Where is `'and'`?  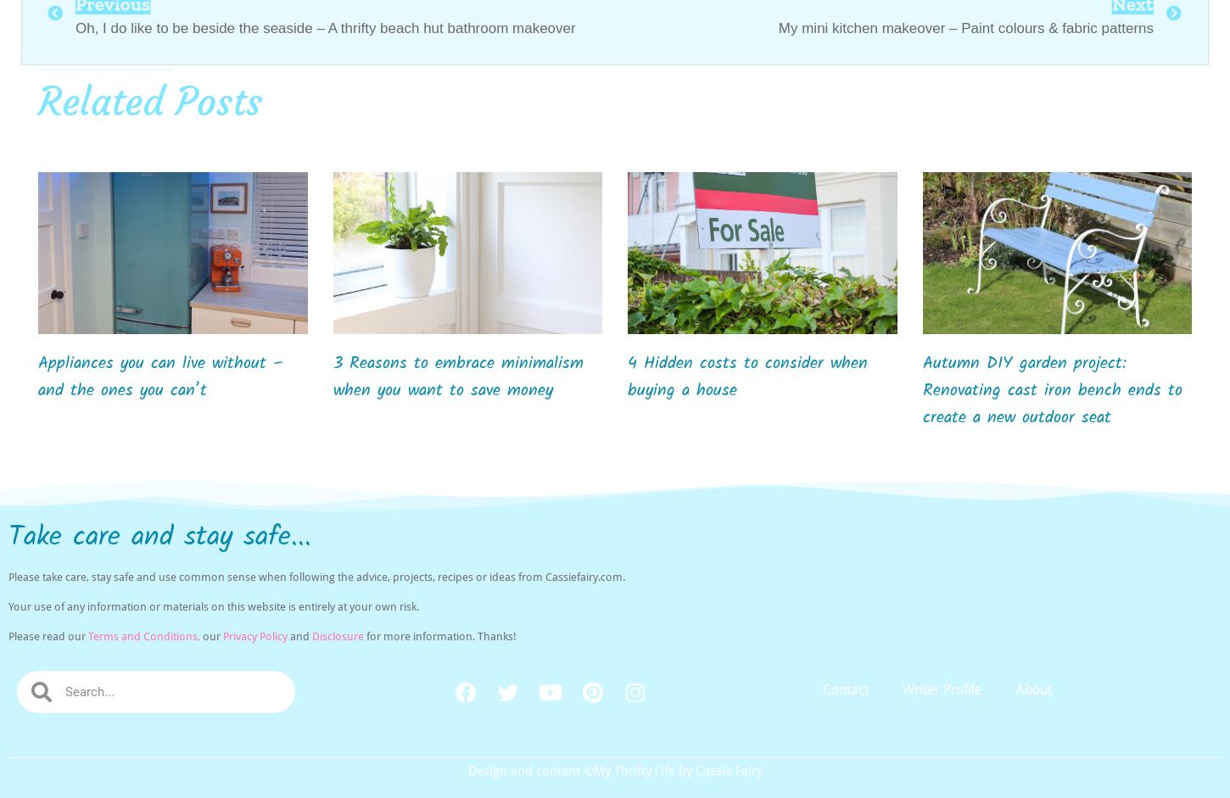
'and' is located at coordinates (299, 635).